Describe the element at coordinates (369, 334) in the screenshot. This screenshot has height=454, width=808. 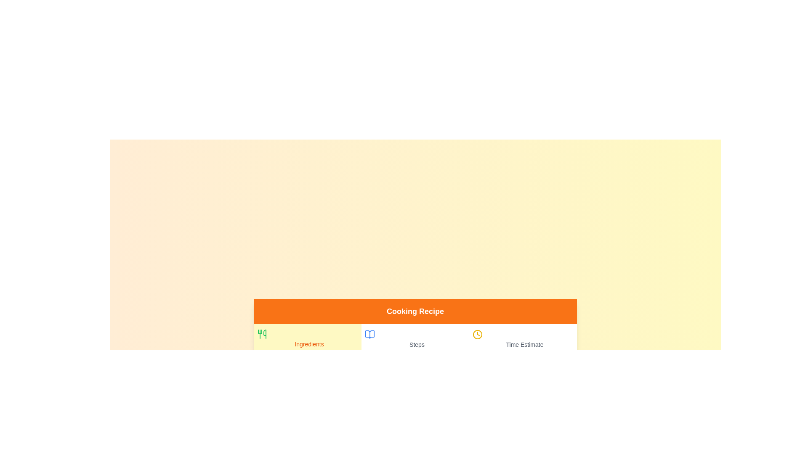
I see `the icon of the Steps tab to activate it` at that location.